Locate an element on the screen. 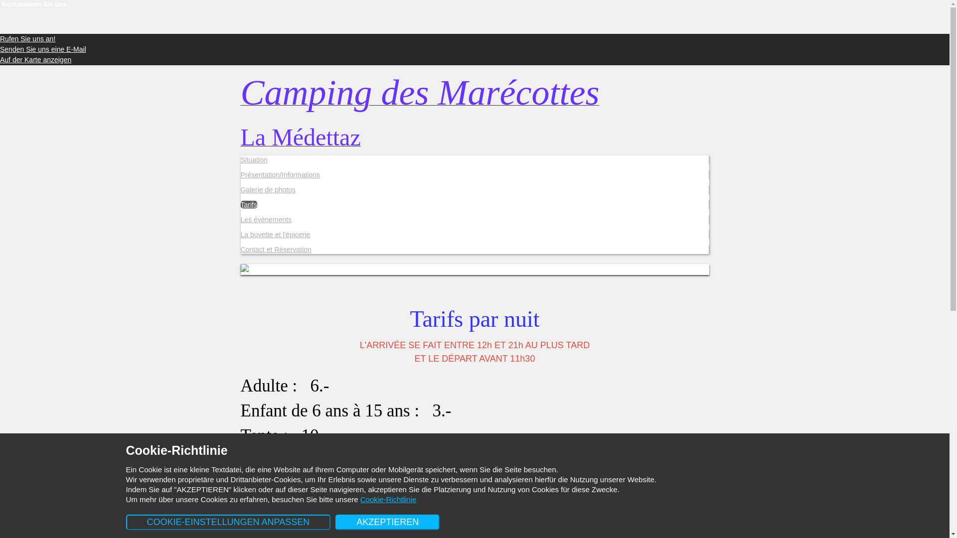  'AKZEPTIEREN' is located at coordinates (335, 522).